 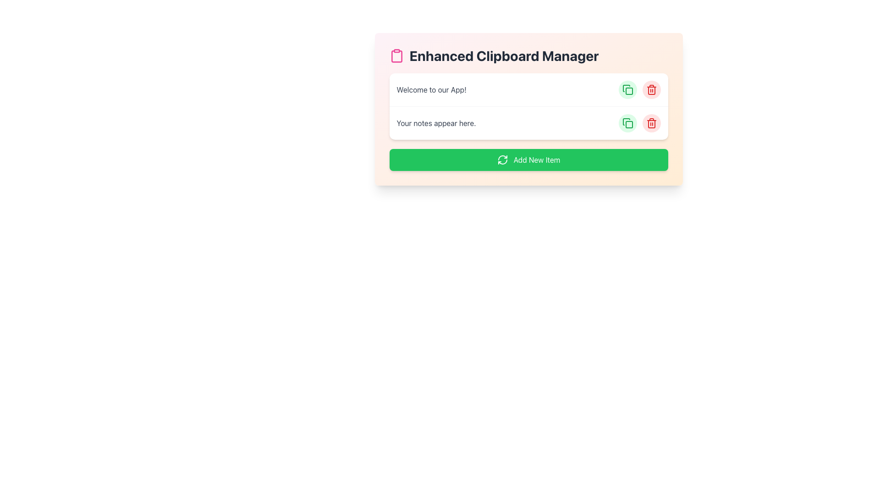 I want to click on the second circular button located on the right side of the text area labeled 'Your notes appear here' to copy the associated content, so click(x=627, y=123).